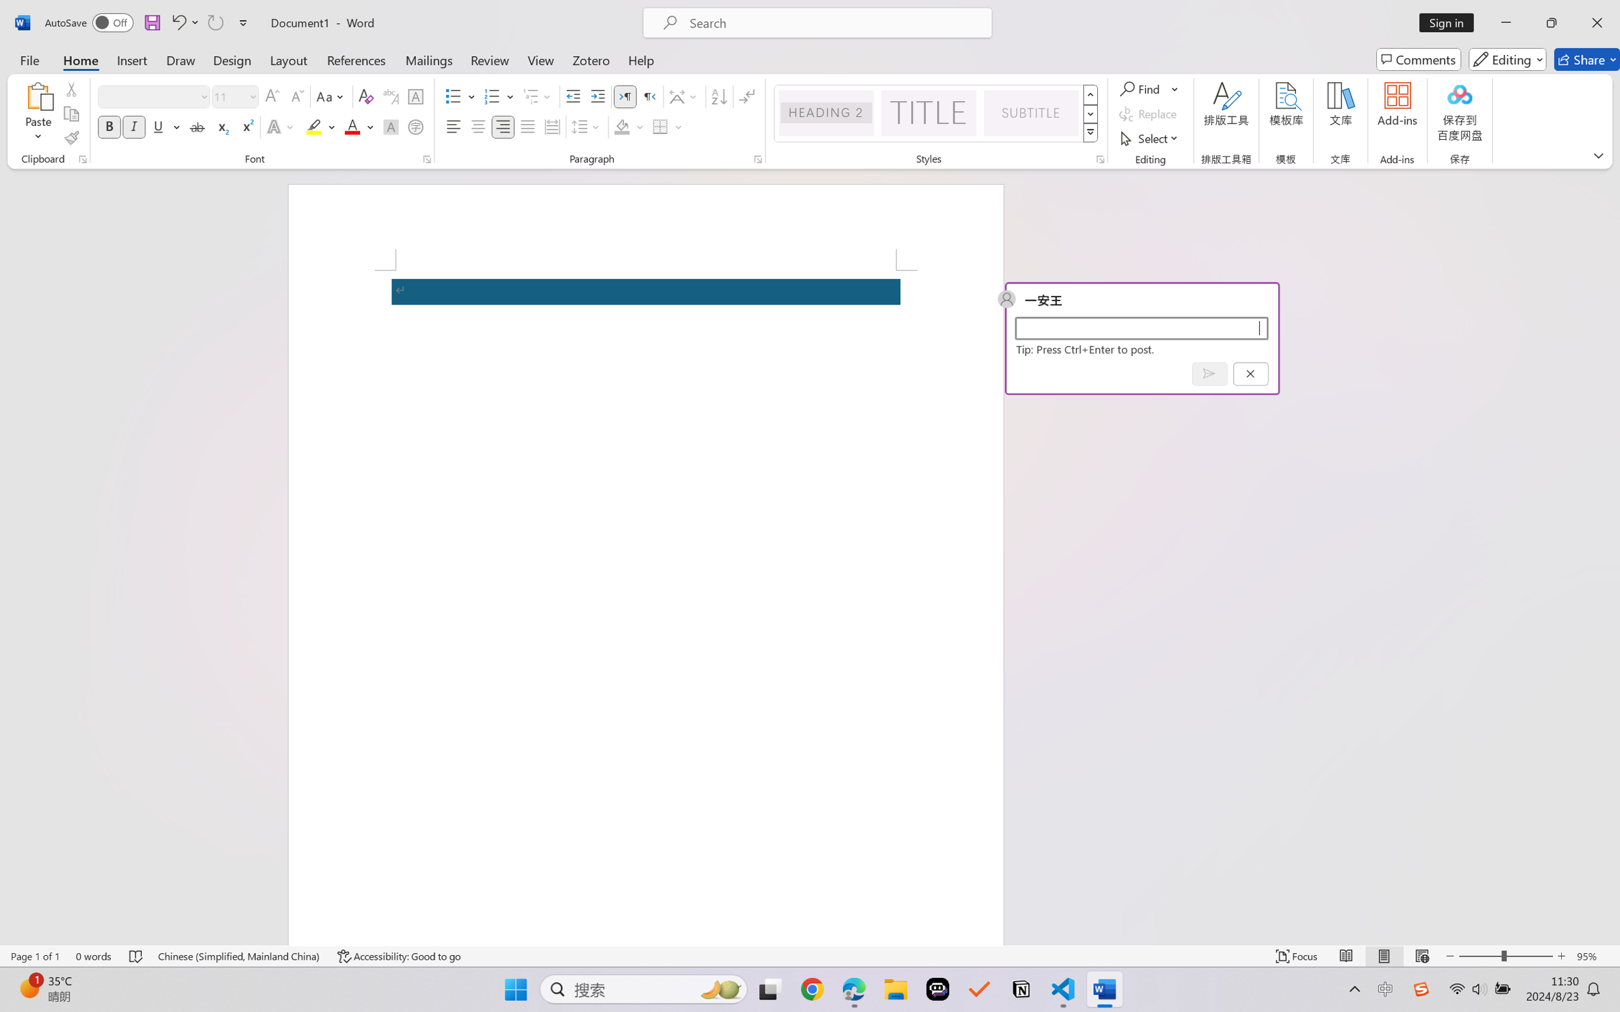  Describe the element at coordinates (238, 956) in the screenshot. I see `'Language Chinese (Simplified, Mainland China)'` at that location.